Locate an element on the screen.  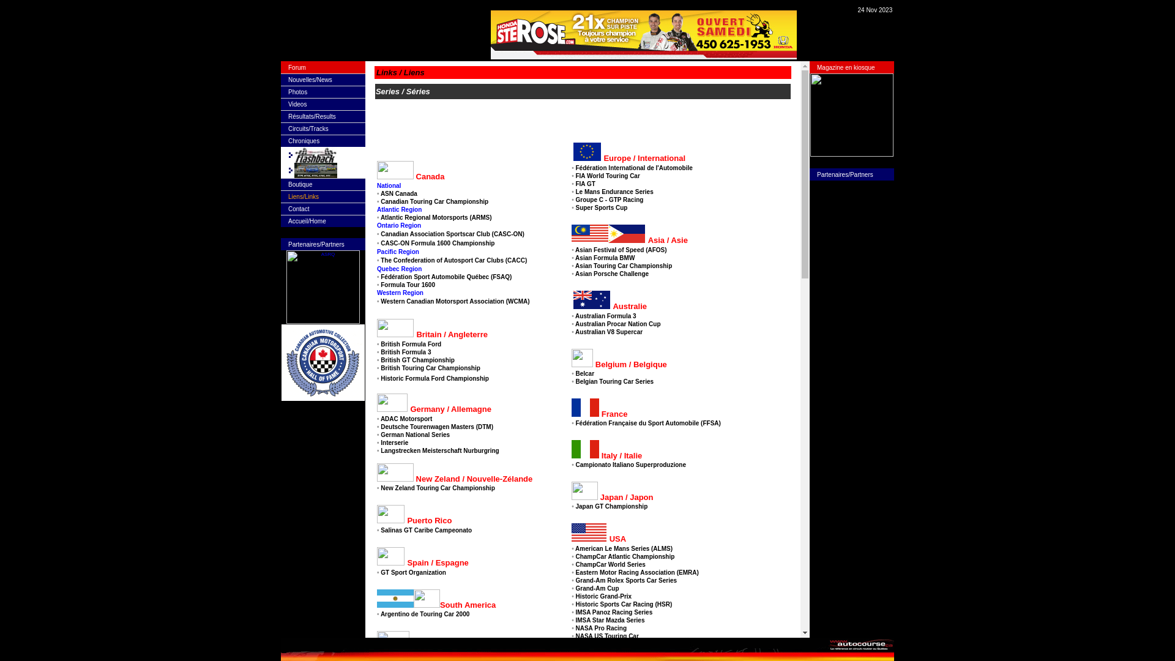
'Circuits/Tracks' is located at coordinates (308, 129).